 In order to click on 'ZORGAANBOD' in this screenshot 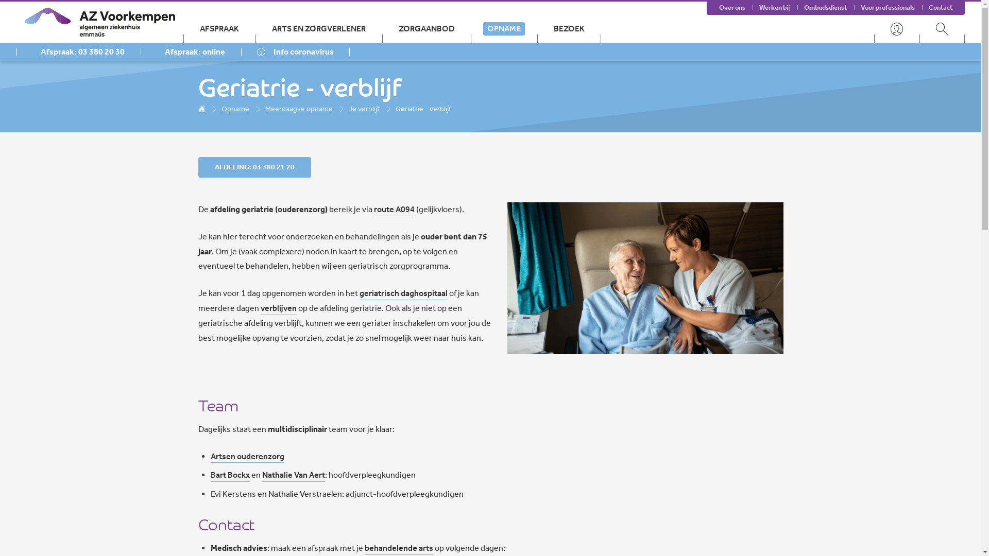, I will do `click(427, 28)`.